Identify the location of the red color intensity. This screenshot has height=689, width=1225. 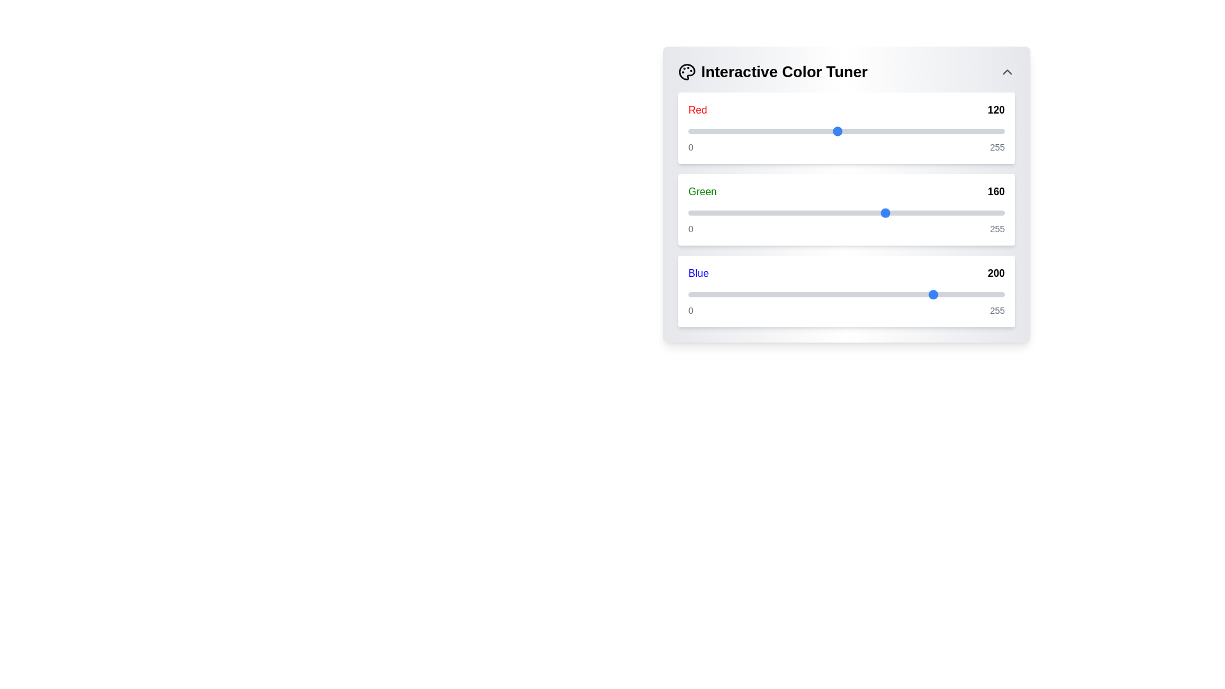
(804, 131).